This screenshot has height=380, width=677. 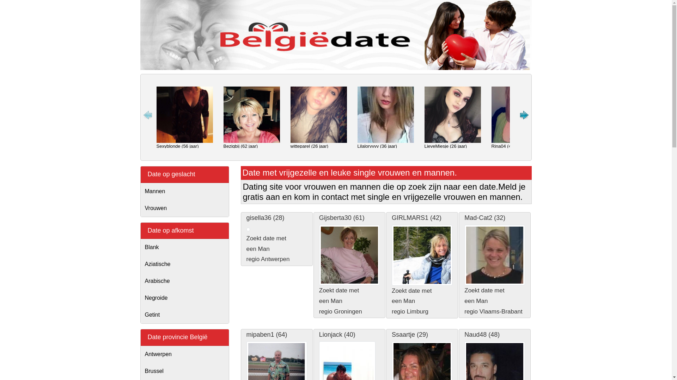 I want to click on 'Negroide', so click(x=184, y=298).